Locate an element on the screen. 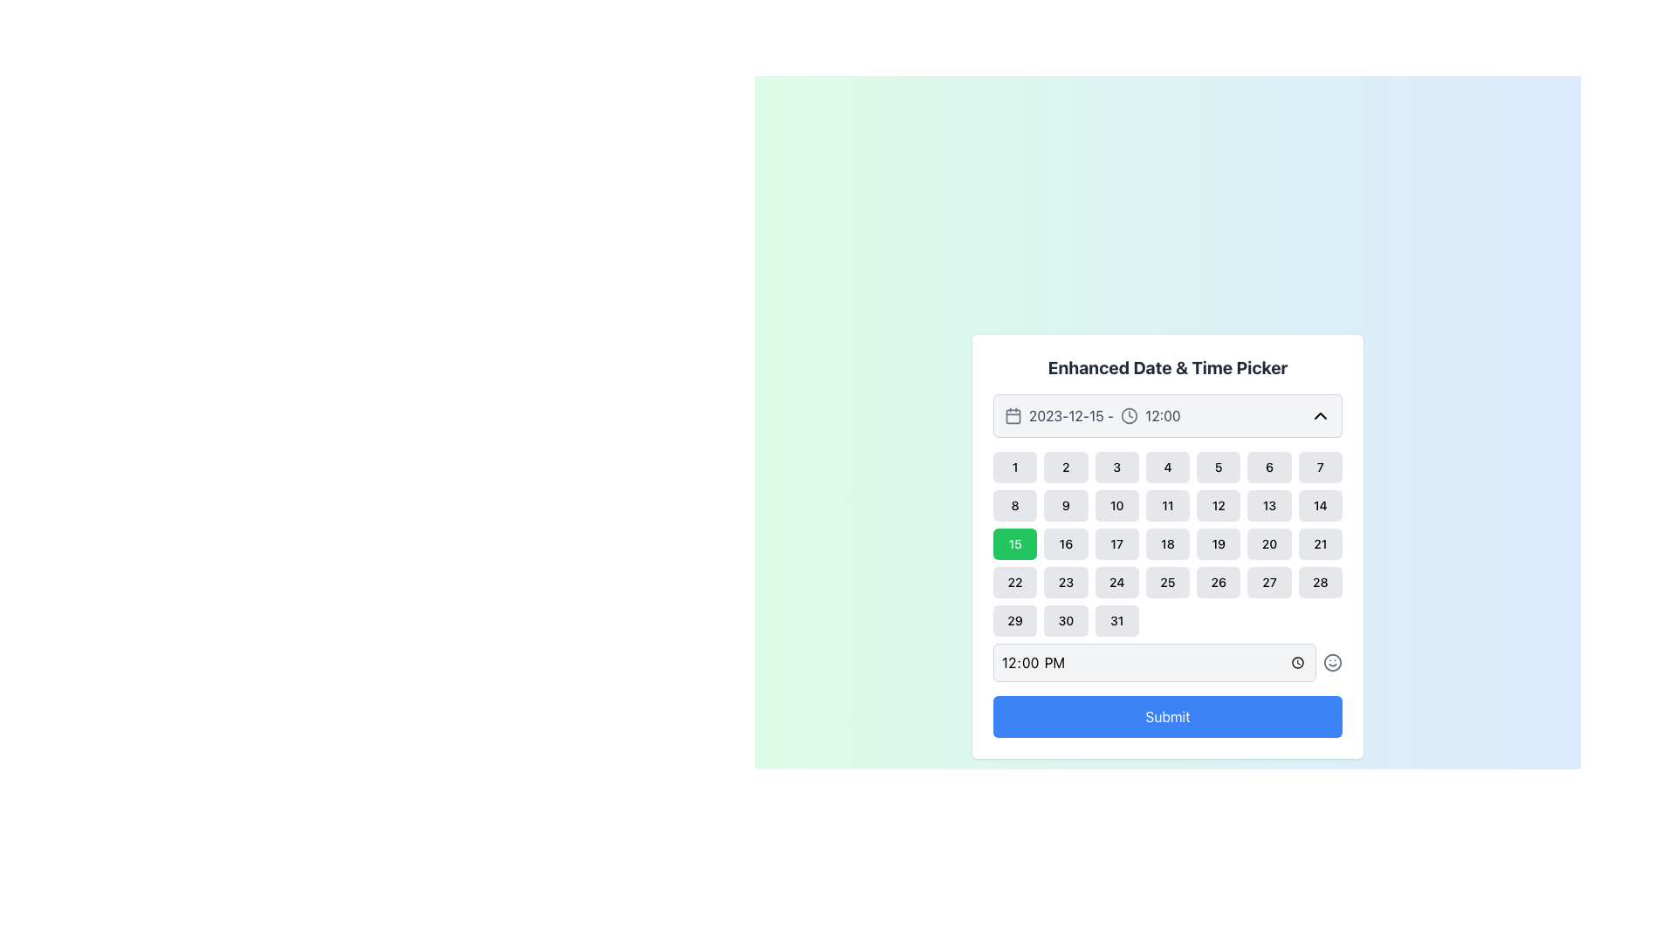  the 'Submit' button with a blue background and rounded corners located at the lower part of the 'Enhanced Date & Time Picker' panel is located at coordinates (1168, 716).